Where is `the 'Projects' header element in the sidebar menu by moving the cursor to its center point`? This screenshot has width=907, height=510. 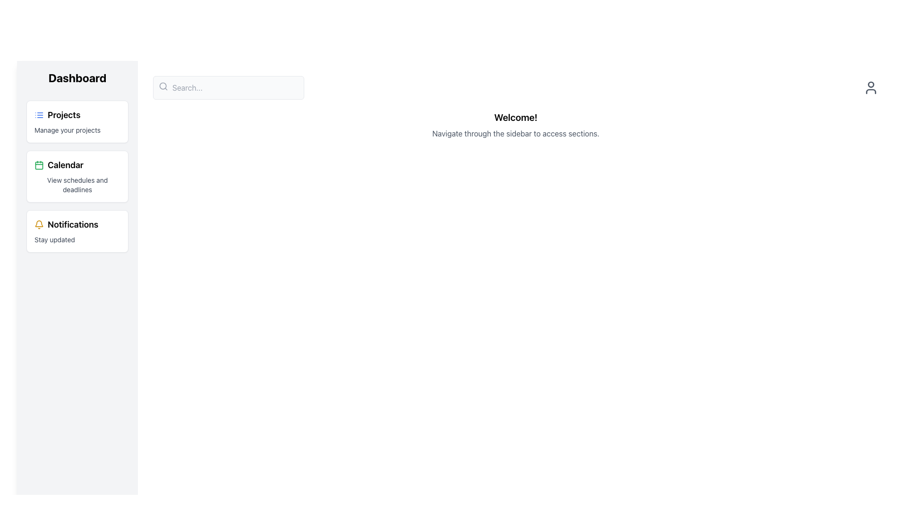 the 'Projects' header element in the sidebar menu by moving the cursor to its center point is located at coordinates (57, 114).